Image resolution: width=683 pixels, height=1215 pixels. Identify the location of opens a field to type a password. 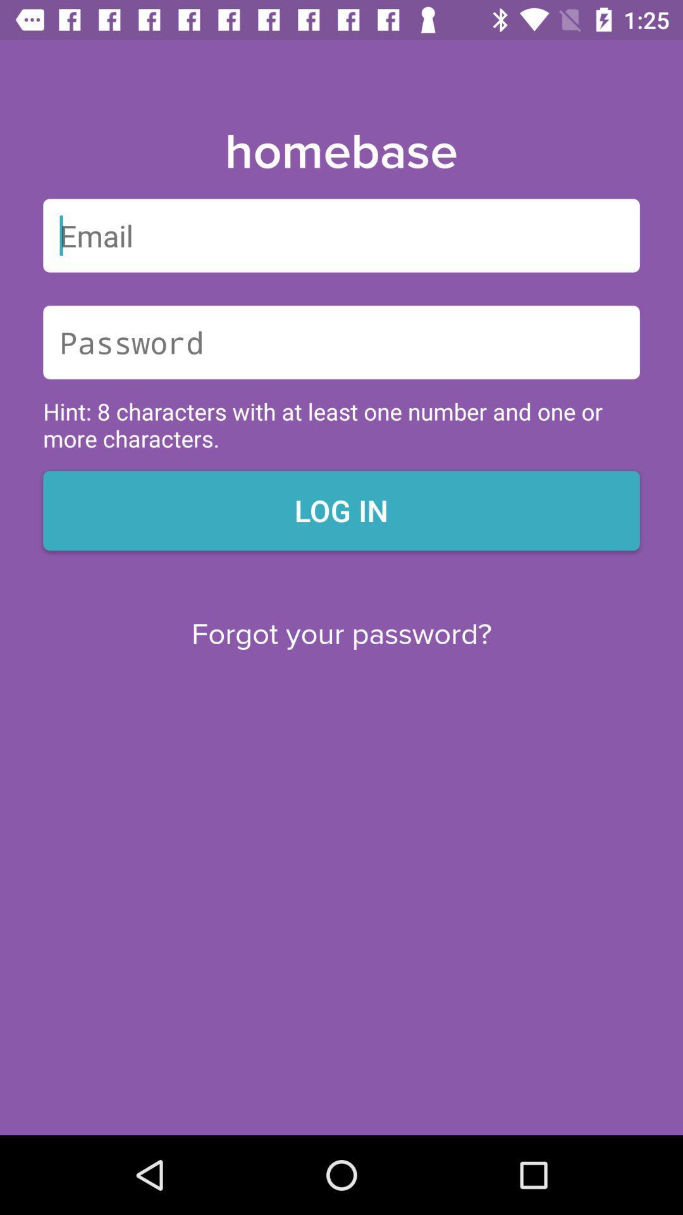
(341, 342).